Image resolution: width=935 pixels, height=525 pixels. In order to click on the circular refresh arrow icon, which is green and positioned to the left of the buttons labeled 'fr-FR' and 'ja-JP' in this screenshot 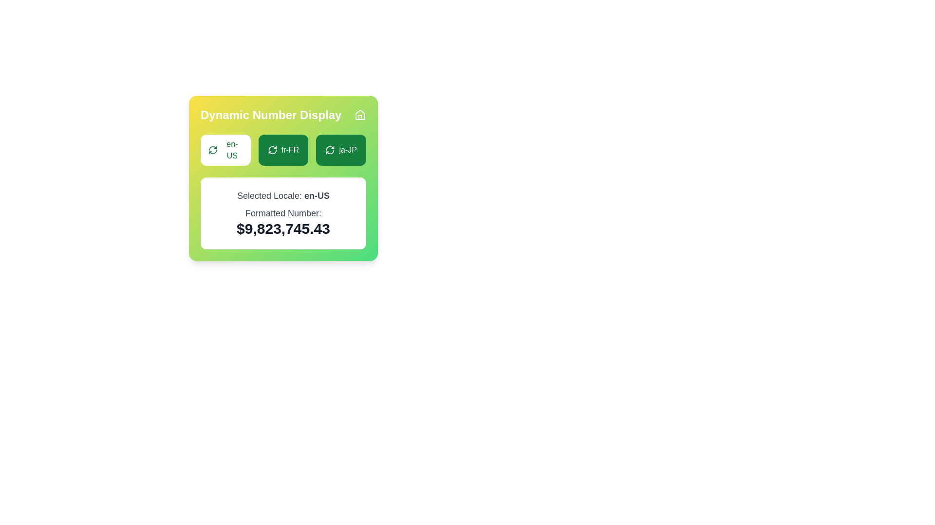, I will do `click(212, 150)`.